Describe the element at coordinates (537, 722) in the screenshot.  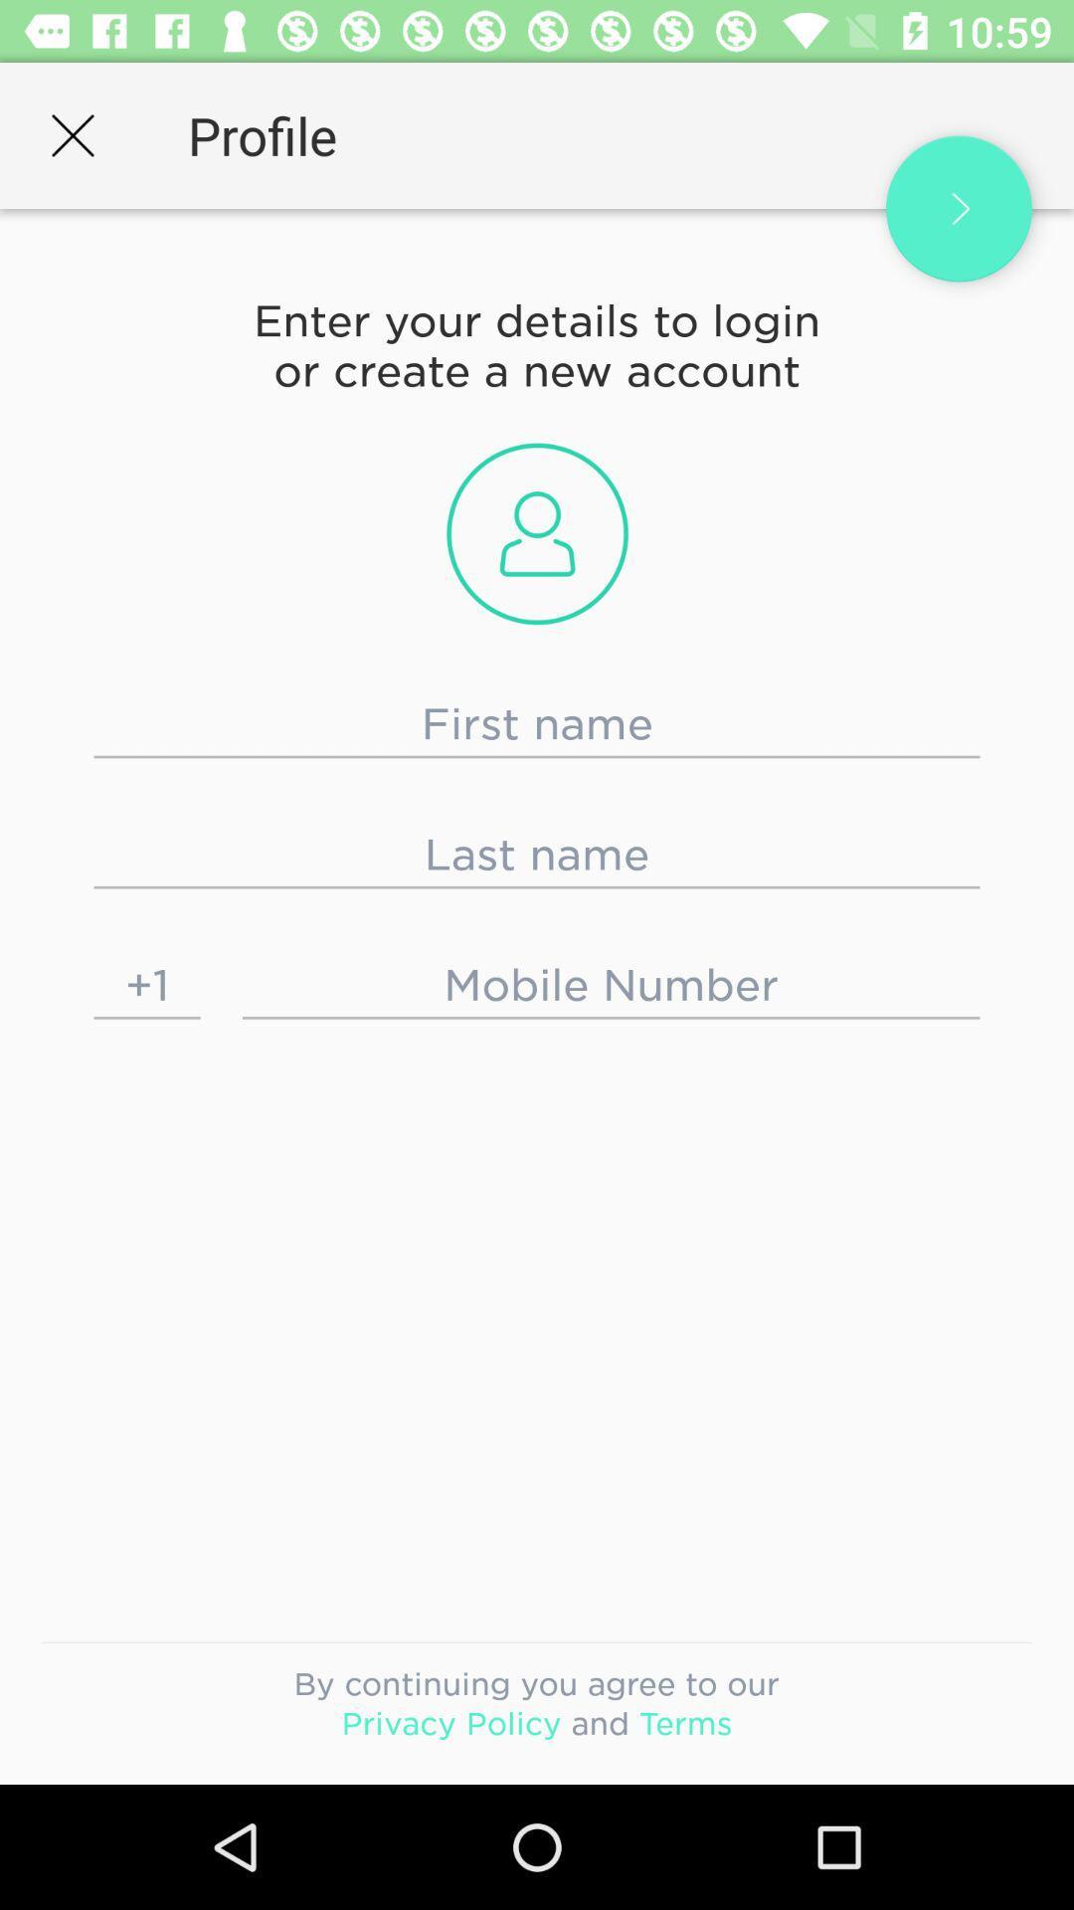
I see `name box` at that location.